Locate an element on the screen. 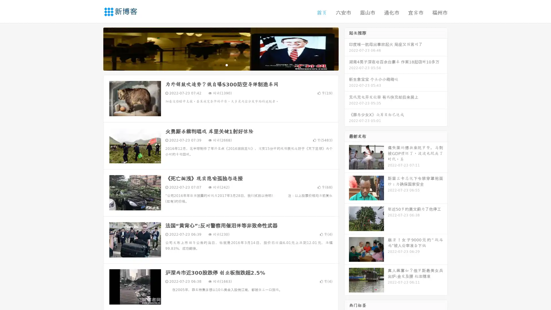 This screenshot has height=310, width=551. Go to slide 1 is located at coordinates (215, 65).